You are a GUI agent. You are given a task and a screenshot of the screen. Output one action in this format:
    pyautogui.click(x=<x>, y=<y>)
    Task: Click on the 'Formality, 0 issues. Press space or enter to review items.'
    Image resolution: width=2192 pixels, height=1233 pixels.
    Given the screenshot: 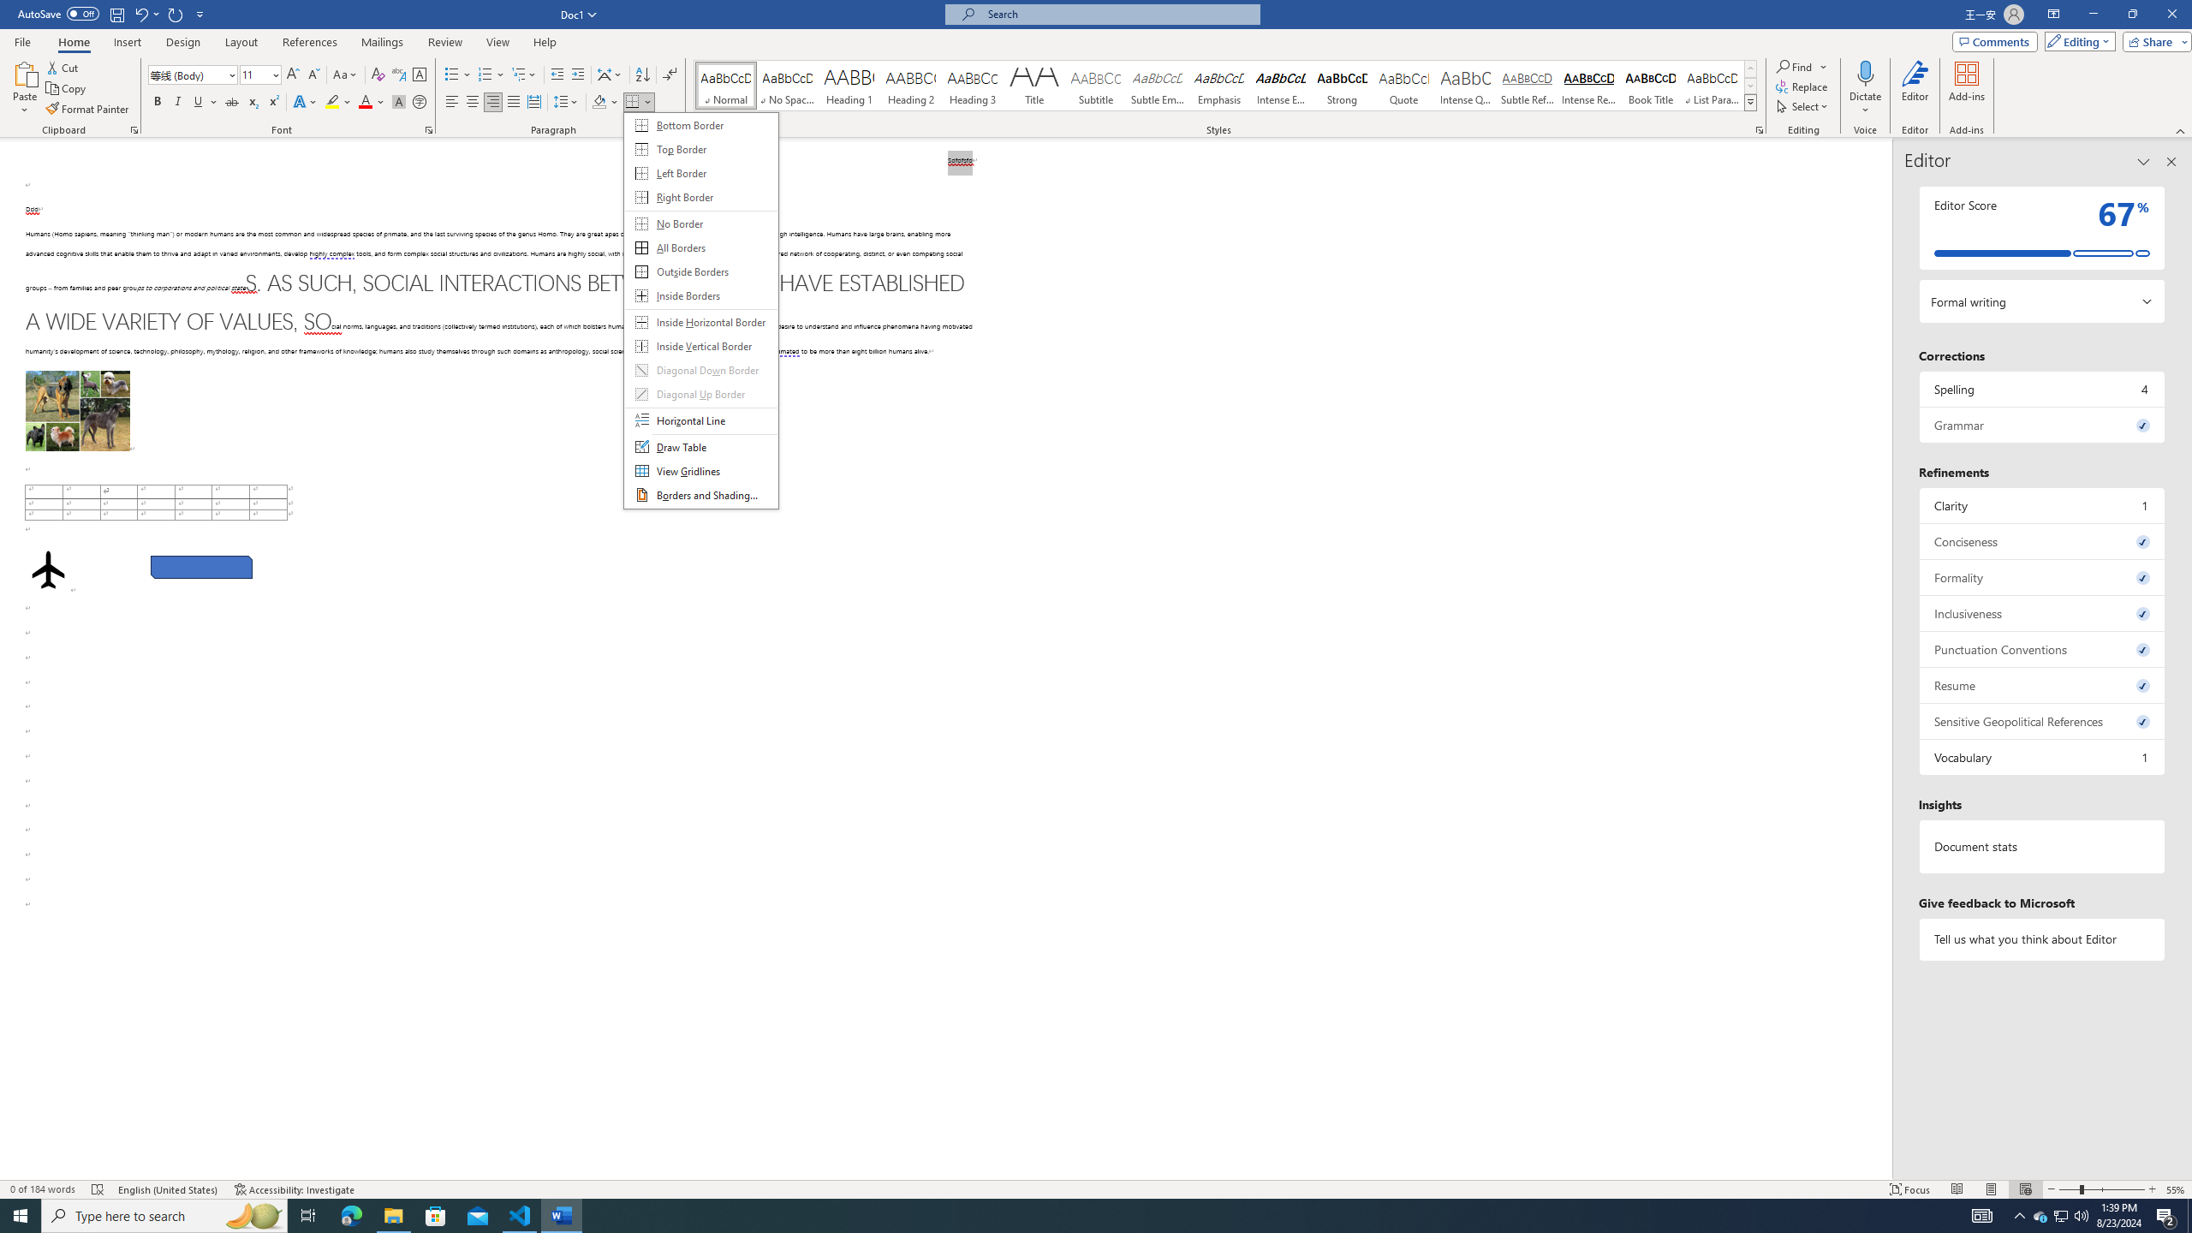 What is the action you would take?
    pyautogui.click(x=2041, y=577)
    